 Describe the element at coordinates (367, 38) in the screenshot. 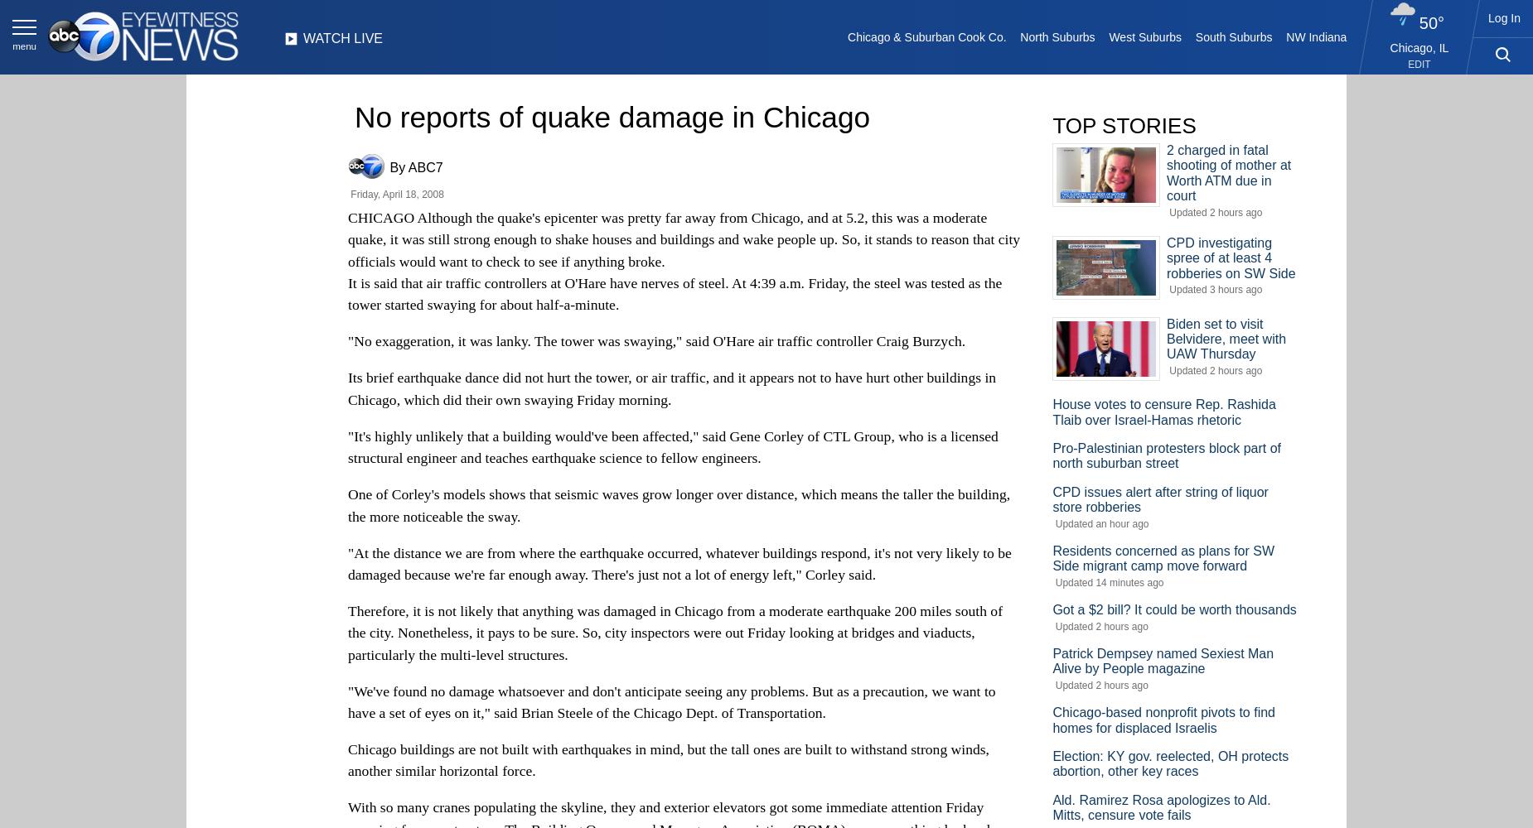

I see `'LIVE'` at that location.